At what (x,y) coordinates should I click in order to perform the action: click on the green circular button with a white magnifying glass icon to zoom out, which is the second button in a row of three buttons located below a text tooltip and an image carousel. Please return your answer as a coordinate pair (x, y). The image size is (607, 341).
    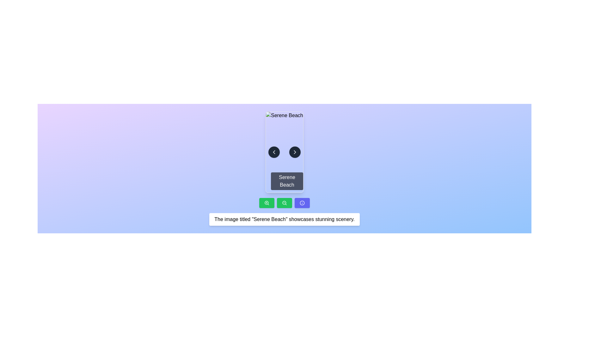
    Looking at the image, I should click on (284, 203).